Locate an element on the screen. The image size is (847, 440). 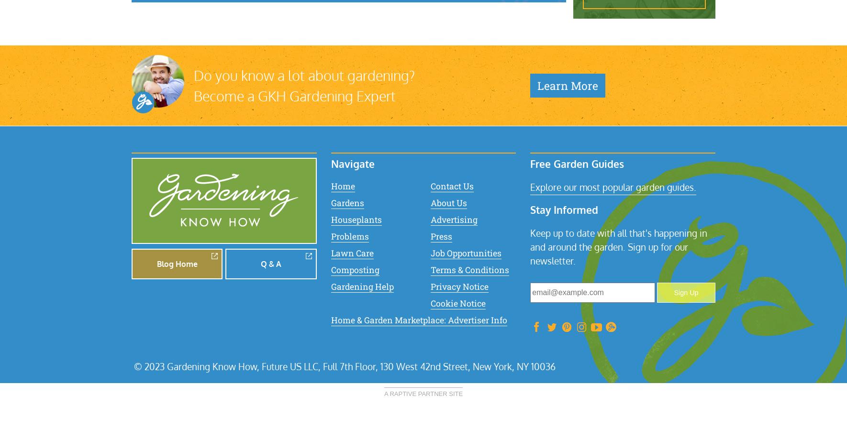
'Privacy Notice' is located at coordinates (458, 286).